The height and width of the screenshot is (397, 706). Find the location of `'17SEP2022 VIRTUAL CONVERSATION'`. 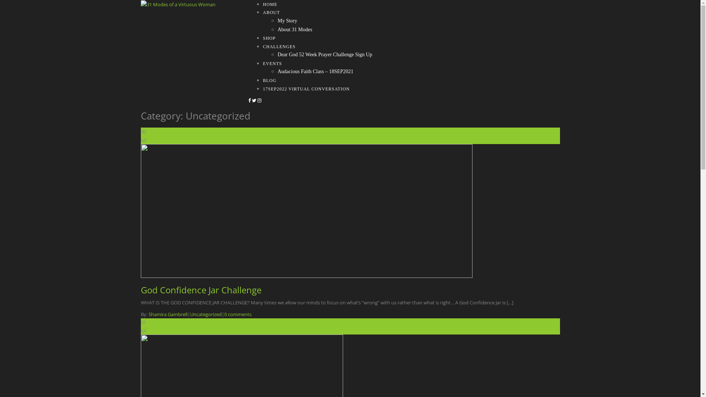

'17SEP2022 VIRTUAL CONVERSATION' is located at coordinates (306, 89).